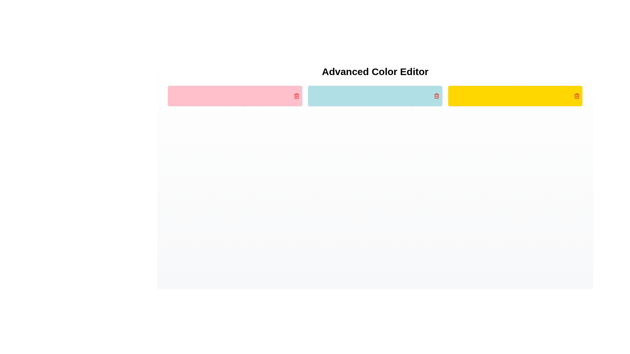 The image size is (630, 354). Describe the element at coordinates (576, 96) in the screenshot. I see `the trash can icon represented in thin line art style, located in the top-right corner of the yellow rectangle` at that location.